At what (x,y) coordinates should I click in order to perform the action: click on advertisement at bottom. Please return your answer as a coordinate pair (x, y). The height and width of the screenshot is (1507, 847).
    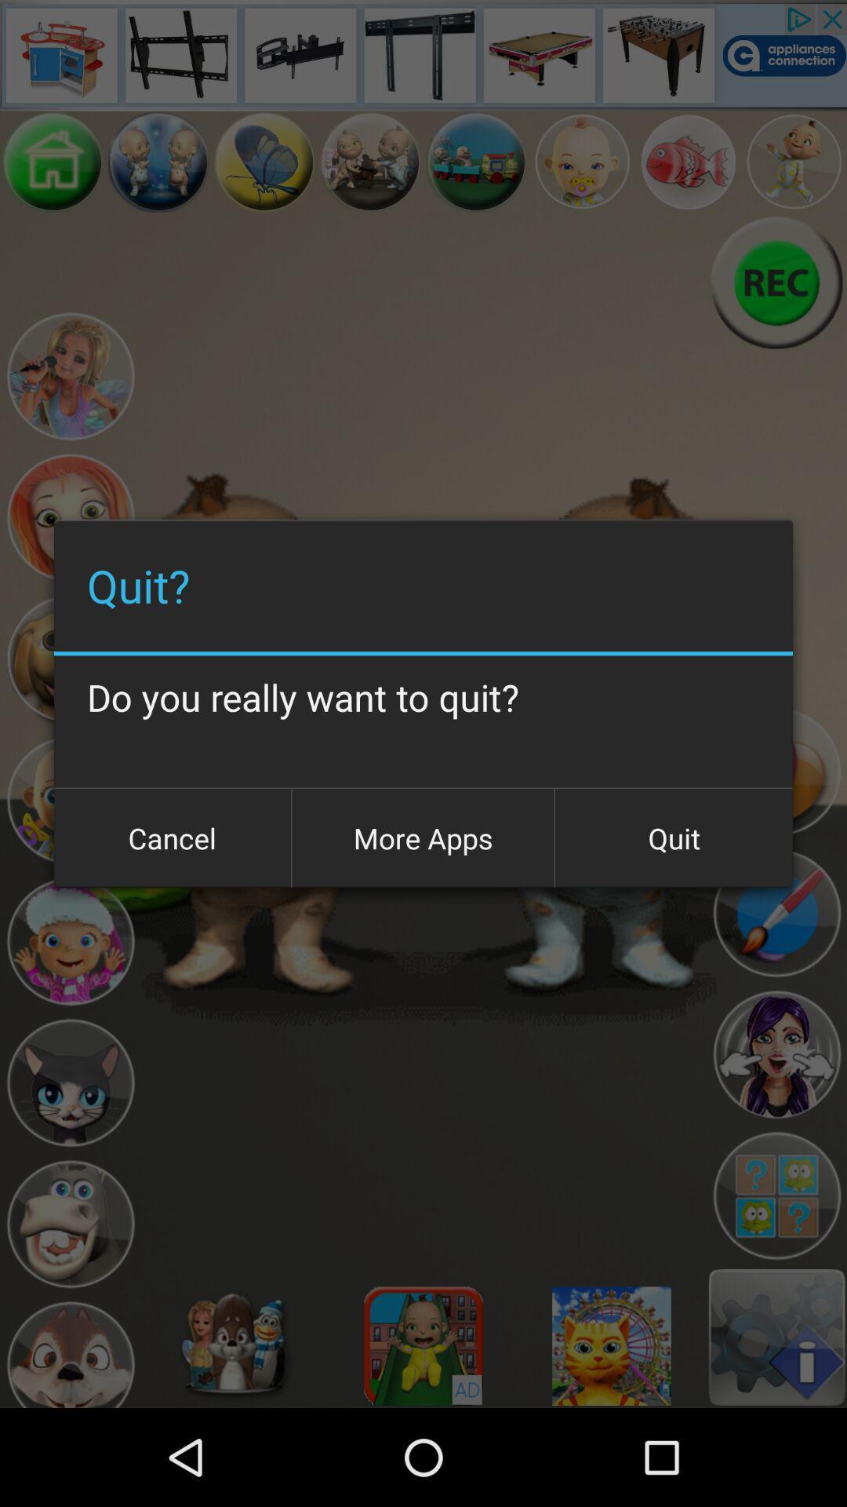
    Looking at the image, I should click on (423, 1345).